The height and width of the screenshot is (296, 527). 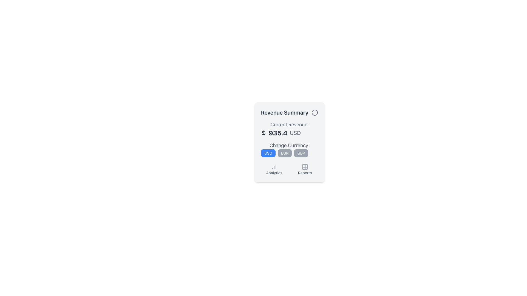 What do you see at coordinates (289, 129) in the screenshot?
I see `the static display text element that presents the current revenue in USD, located below the 'Revenue Summary' title and above 'Change Currency'` at bounding box center [289, 129].